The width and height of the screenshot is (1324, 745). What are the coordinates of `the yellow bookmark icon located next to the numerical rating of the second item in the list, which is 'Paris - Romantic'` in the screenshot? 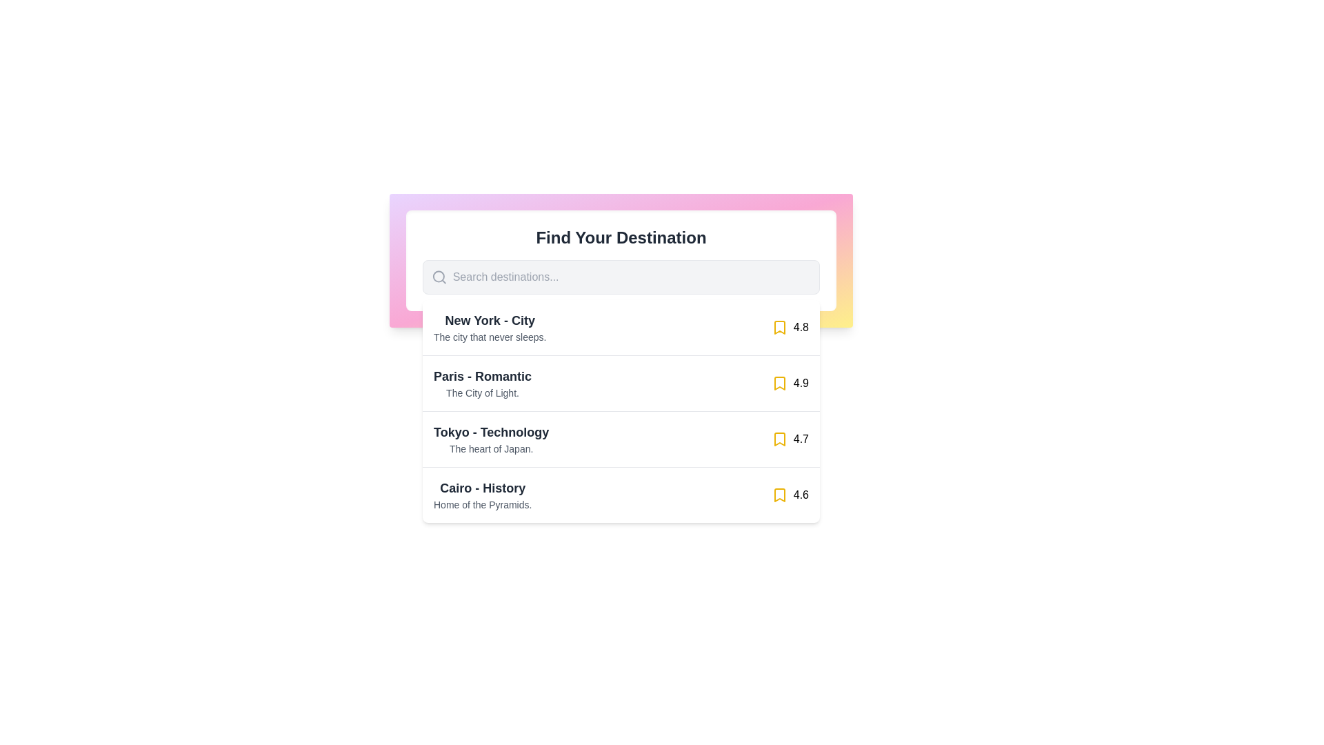 It's located at (779, 383).